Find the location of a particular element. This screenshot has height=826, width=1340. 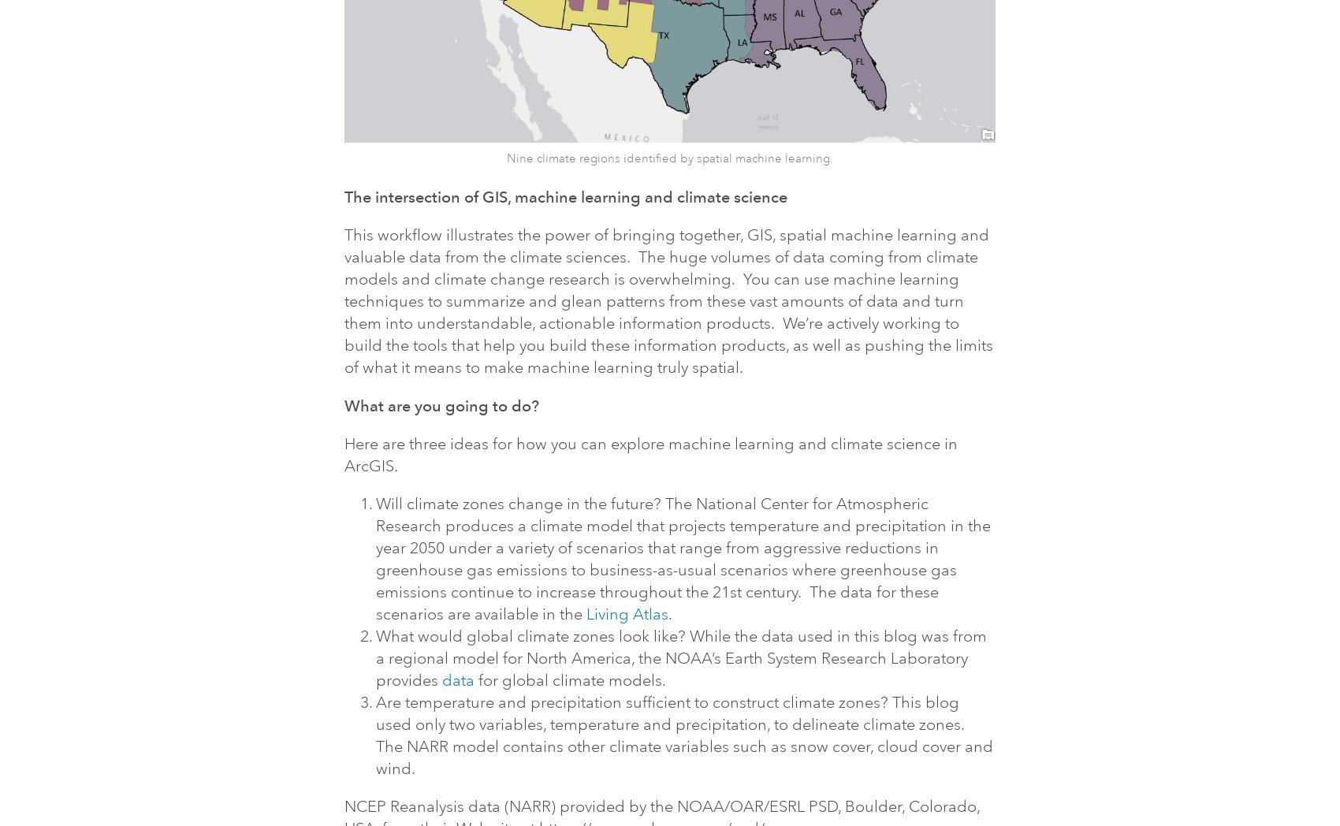

'The intersection of GIS, machine learning and climate science' is located at coordinates (566, 196).